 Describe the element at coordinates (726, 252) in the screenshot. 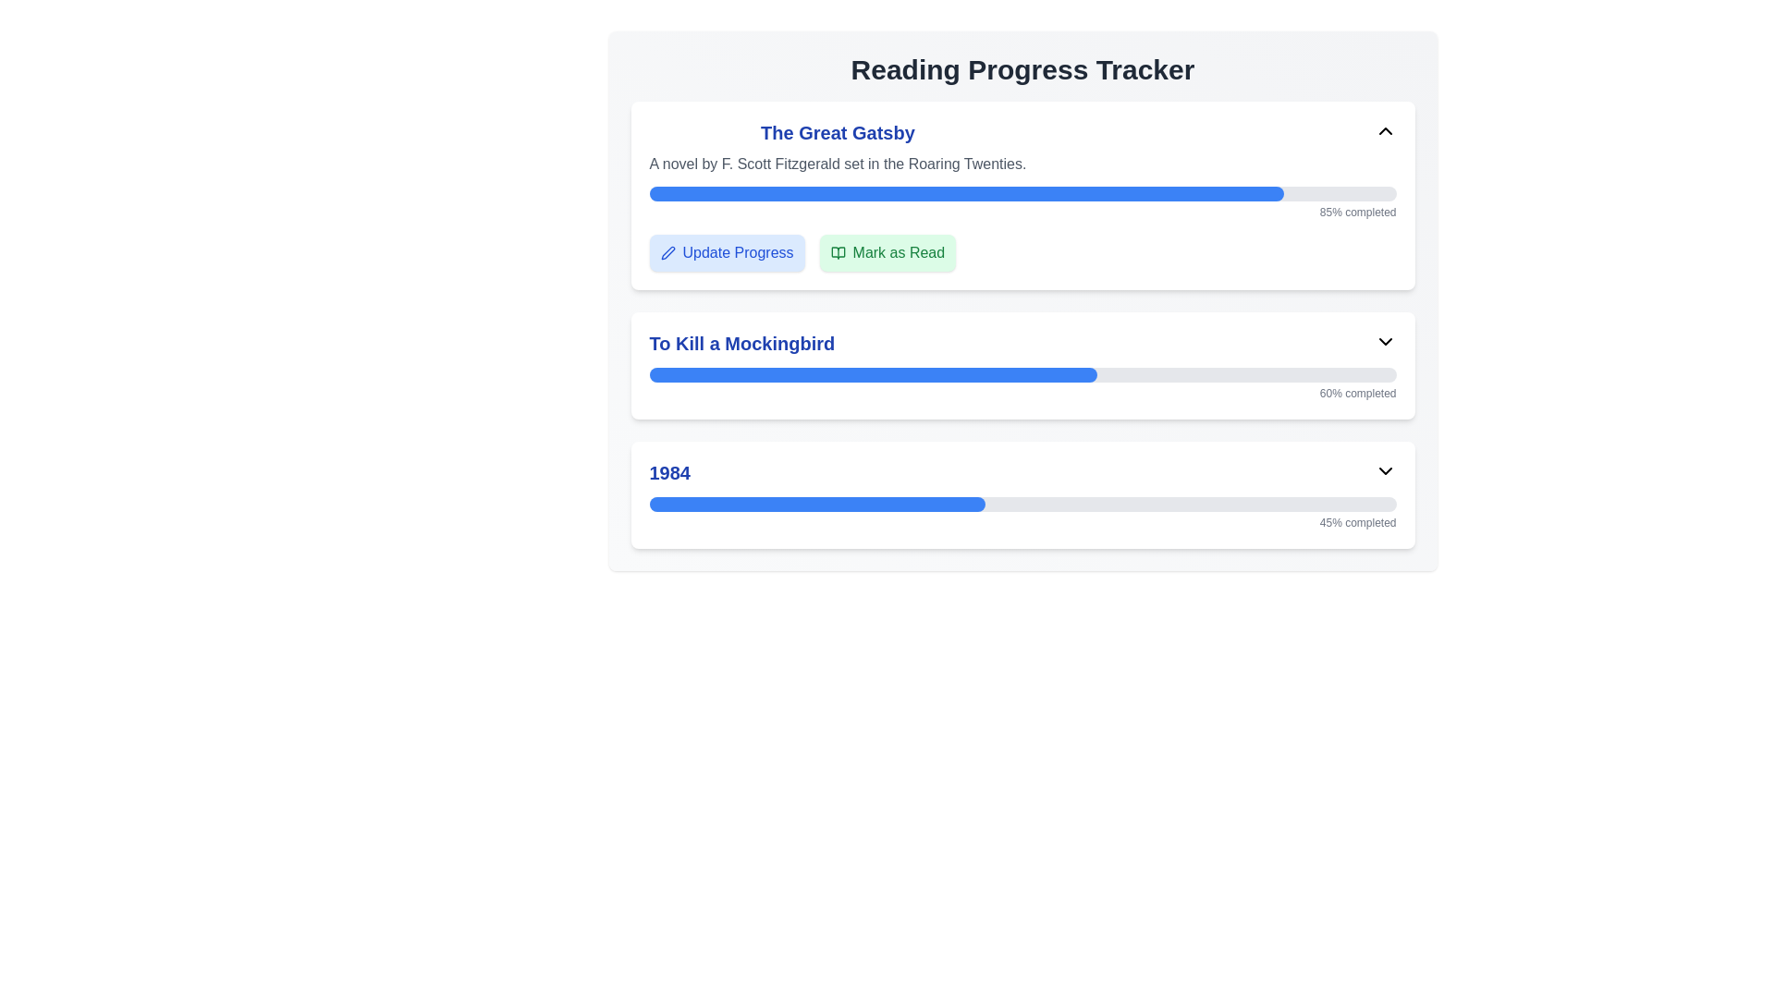

I see `the 'Update Progress' button, which is a light blue rectangular button with rounded corners located under the heading 'The Great Gatsby'` at that location.